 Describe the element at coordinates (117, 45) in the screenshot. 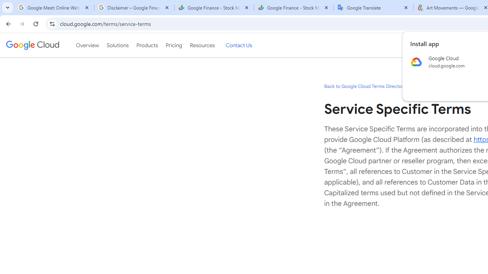

I see `'Solutions'` at that location.